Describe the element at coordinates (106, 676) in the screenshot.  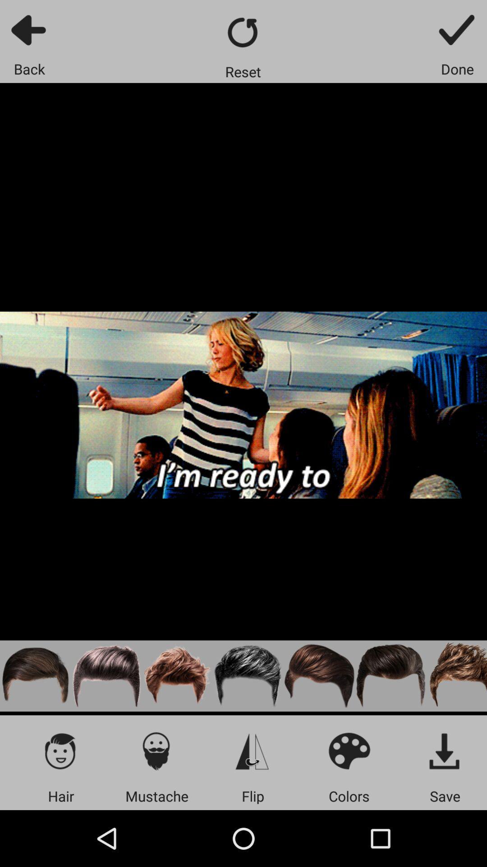
I see `vike` at that location.